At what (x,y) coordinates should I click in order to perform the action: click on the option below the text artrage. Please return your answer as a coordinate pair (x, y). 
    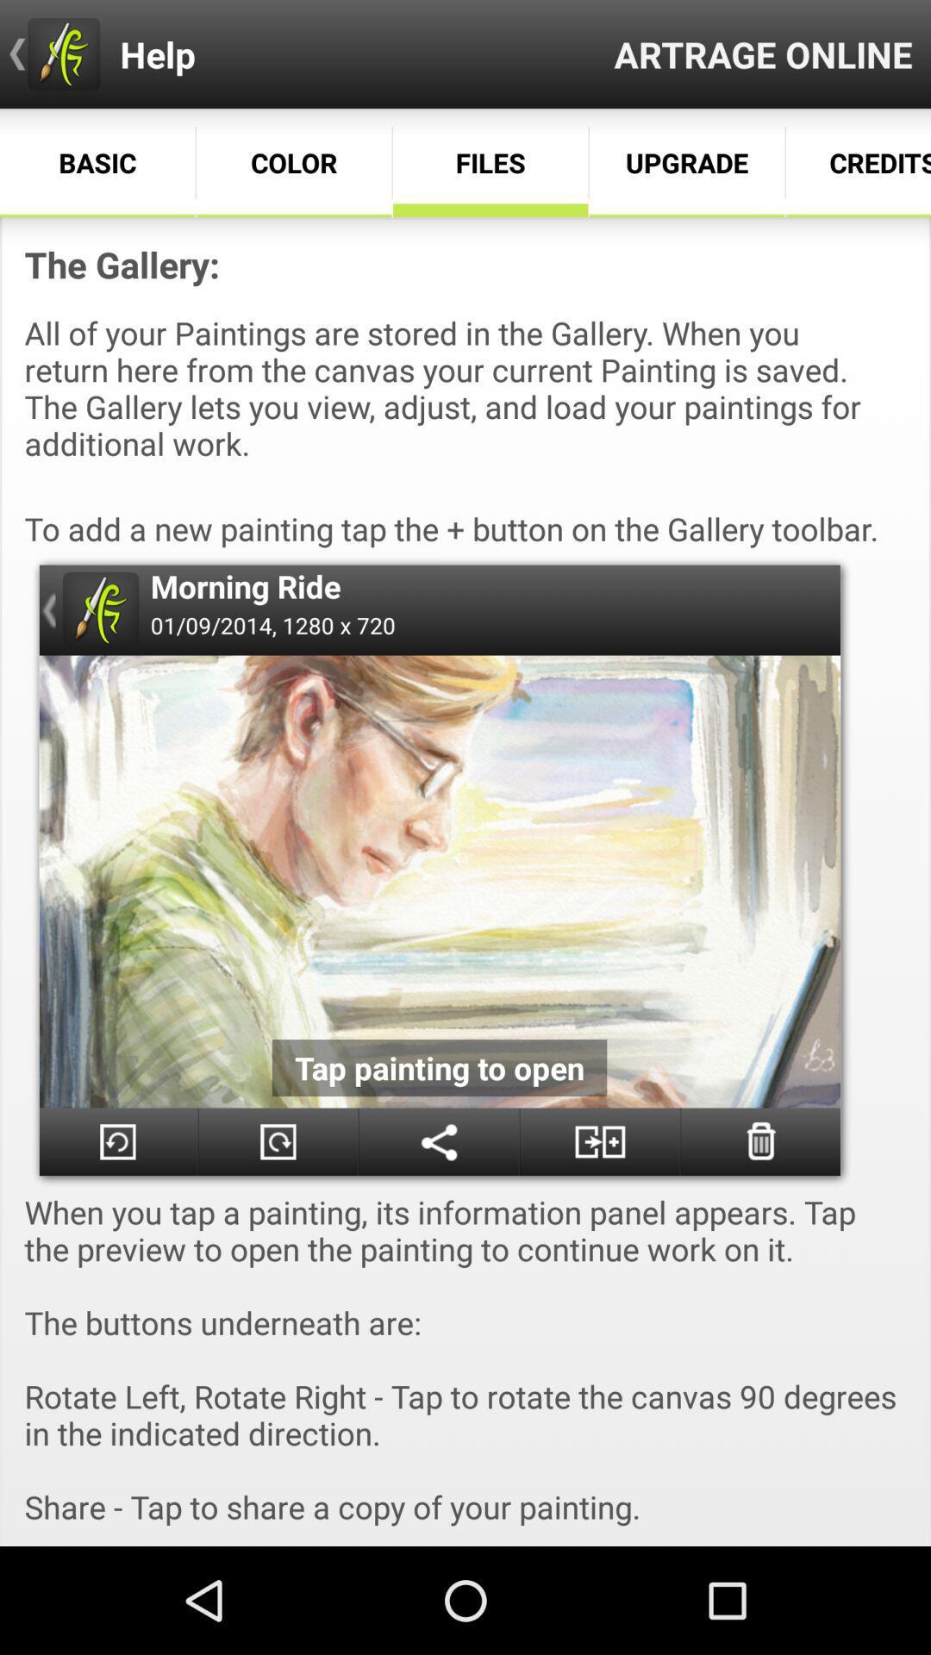
    Looking at the image, I should click on (686, 162).